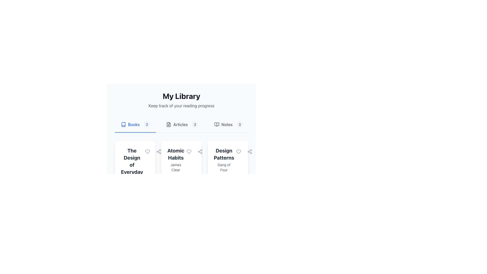 Image resolution: width=487 pixels, height=274 pixels. Describe the element at coordinates (181, 187) in the screenshot. I see `the second book card in the 'My Library' section` at that location.